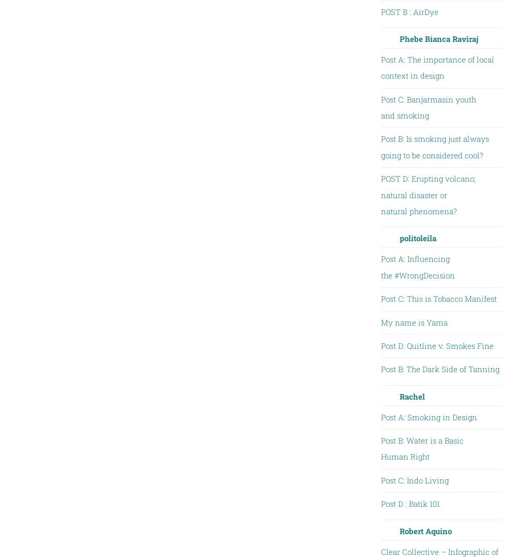 The height and width of the screenshot is (558, 517). I want to click on 'POST B : AirDye', so click(409, 10).